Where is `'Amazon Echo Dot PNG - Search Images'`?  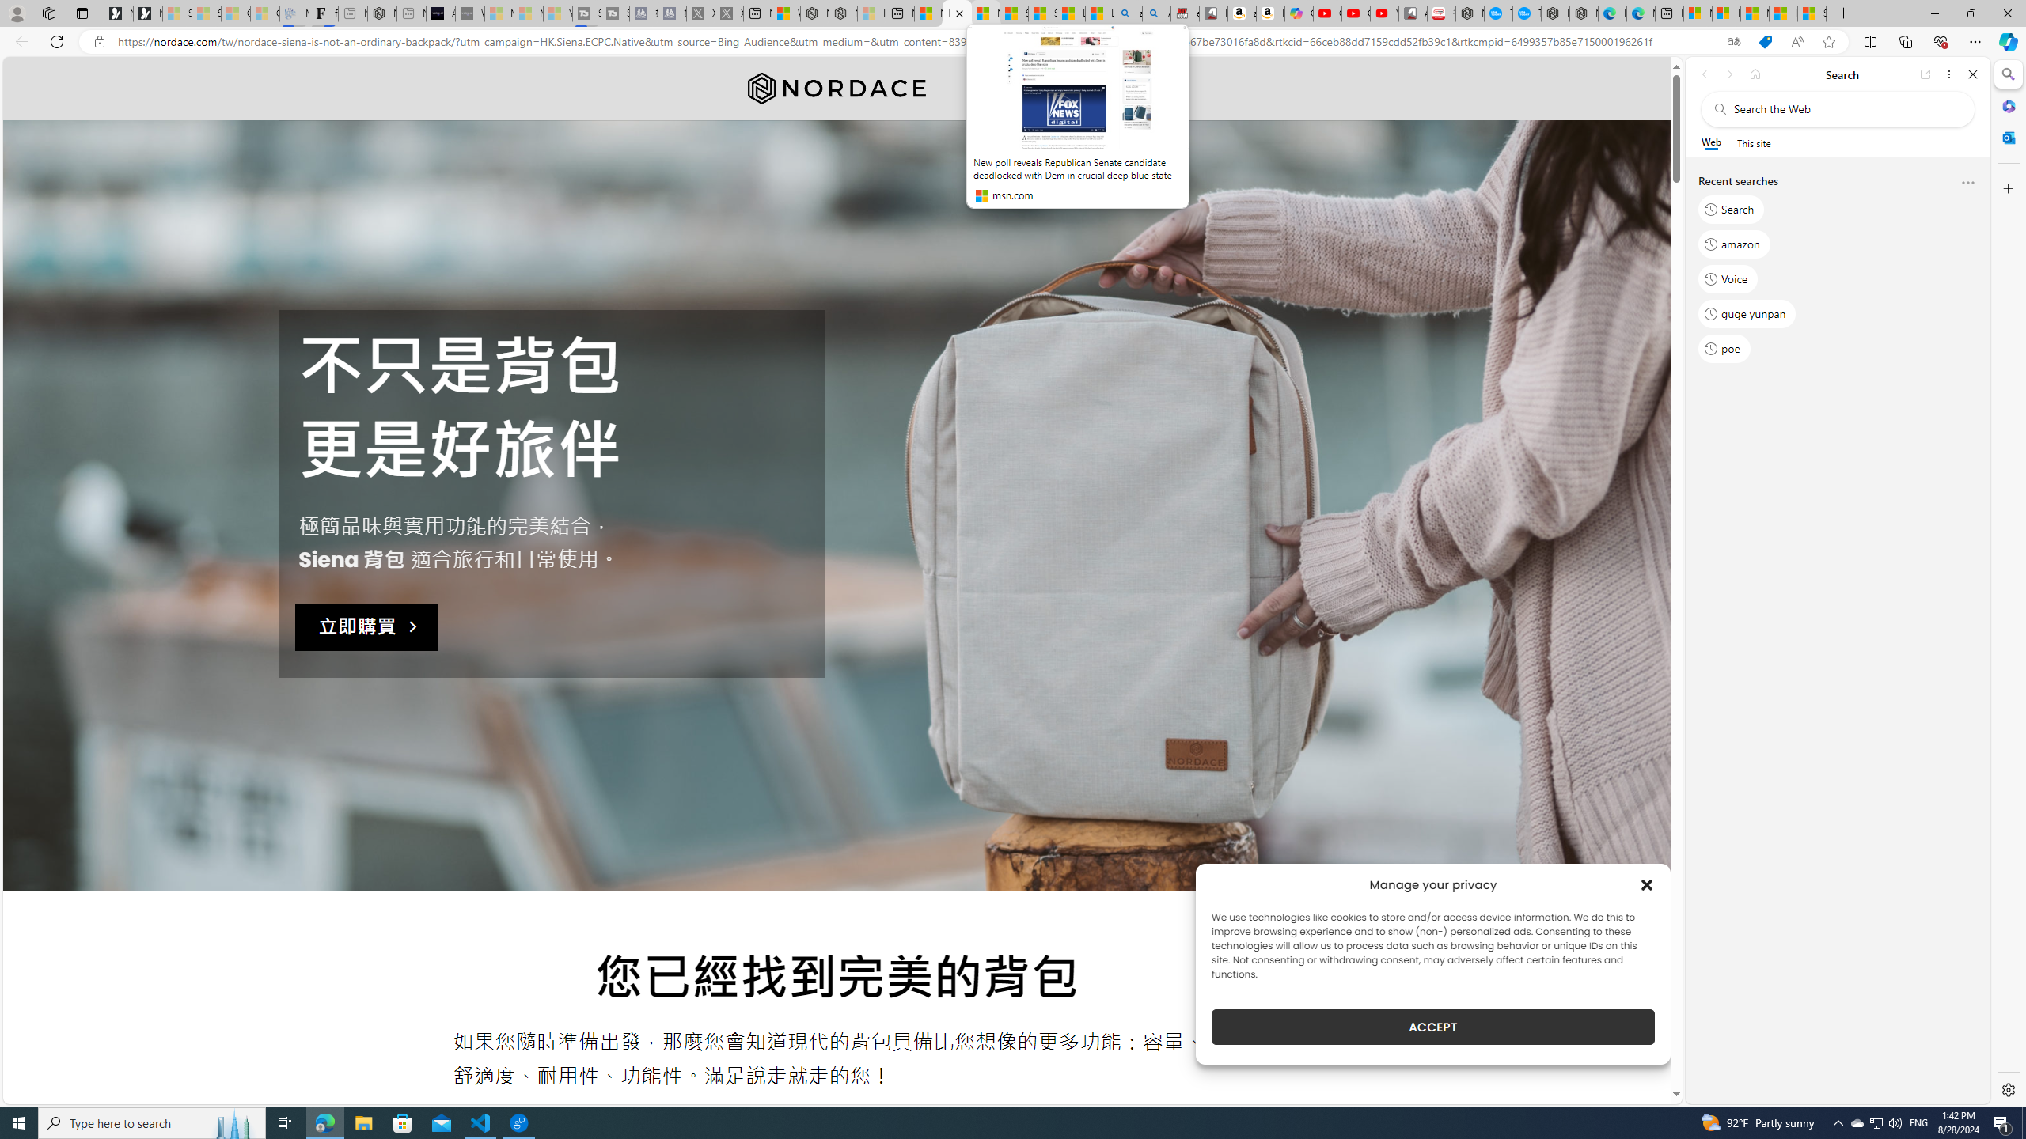
'Amazon Echo Dot PNG - Search Images' is located at coordinates (1155, 13).